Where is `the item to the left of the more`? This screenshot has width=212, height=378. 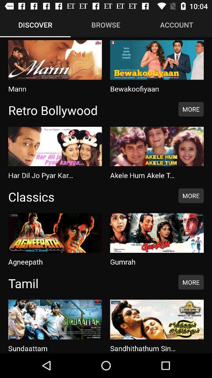 the item to the left of the more is located at coordinates (89, 109).